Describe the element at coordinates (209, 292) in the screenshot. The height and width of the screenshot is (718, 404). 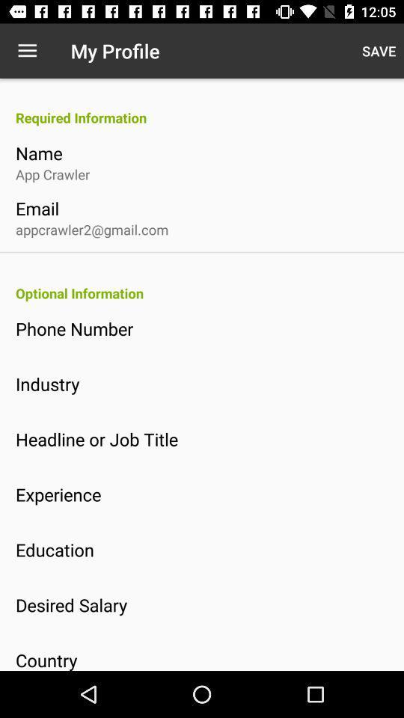
I see `optional information icon` at that location.